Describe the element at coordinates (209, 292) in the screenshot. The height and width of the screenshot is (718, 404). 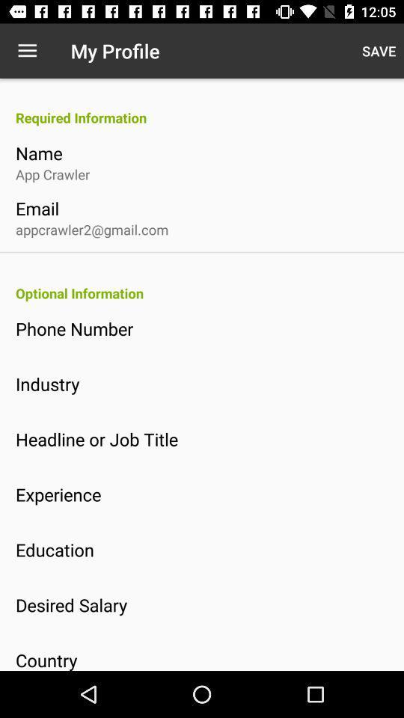
I see `optional information icon` at that location.